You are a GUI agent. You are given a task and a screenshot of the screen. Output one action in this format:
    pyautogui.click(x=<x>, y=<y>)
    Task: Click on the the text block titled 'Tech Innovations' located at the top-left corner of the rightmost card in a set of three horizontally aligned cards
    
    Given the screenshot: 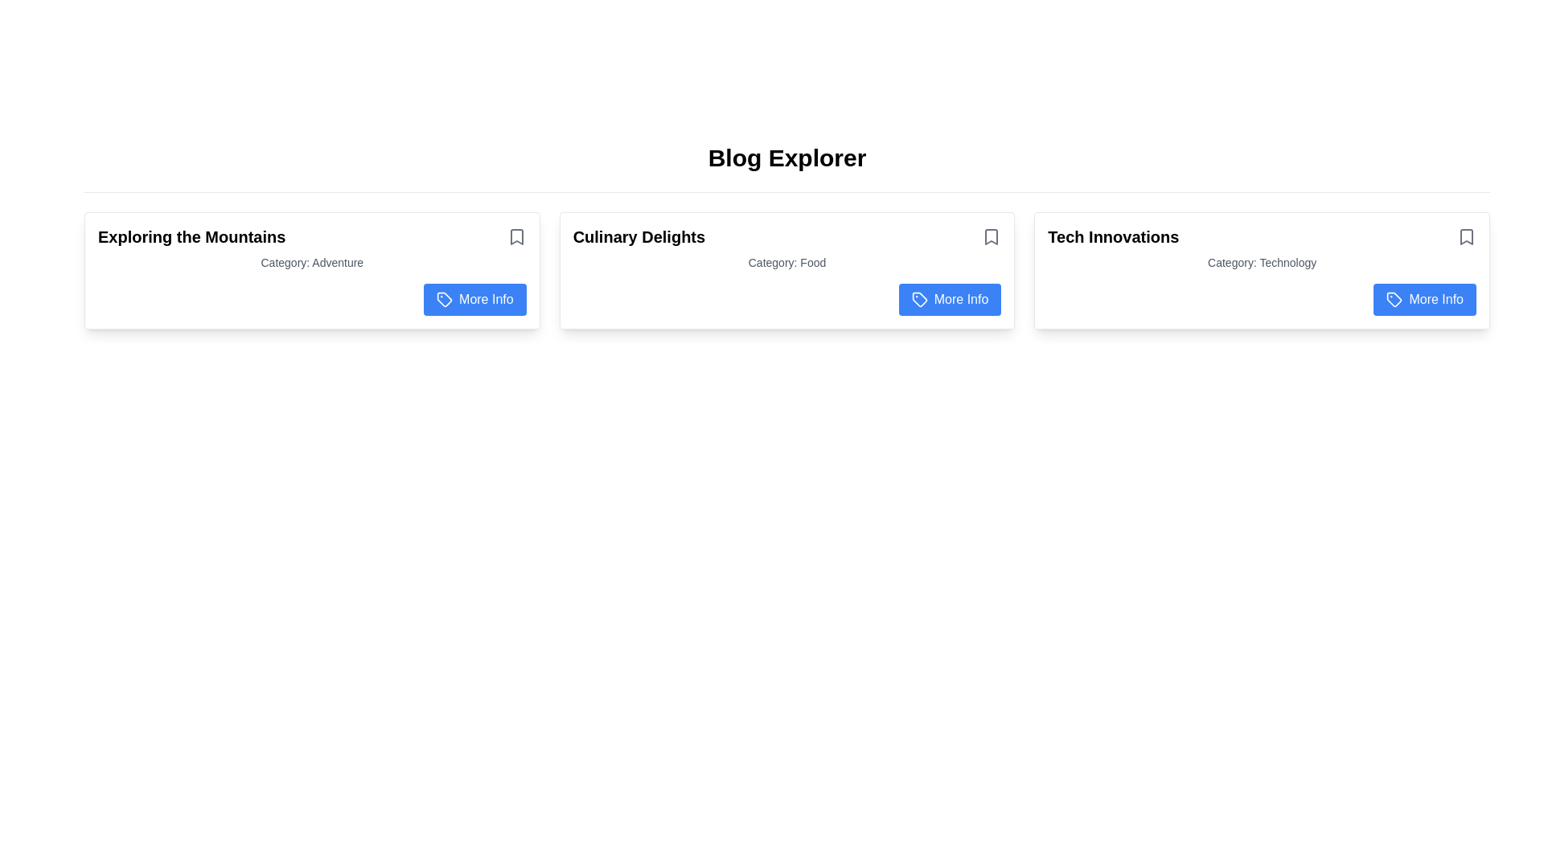 What is the action you would take?
    pyautogui.click(x=1112, y=236)
    